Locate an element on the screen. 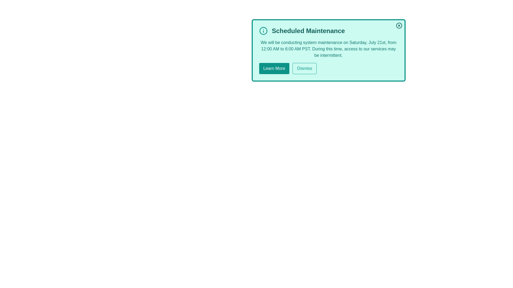 Image resolution: width=513 pixels, height=288 pixels. the text 'During this time, access to our services may be intermittent.' in the alert message is located at coordinates (328, 49).